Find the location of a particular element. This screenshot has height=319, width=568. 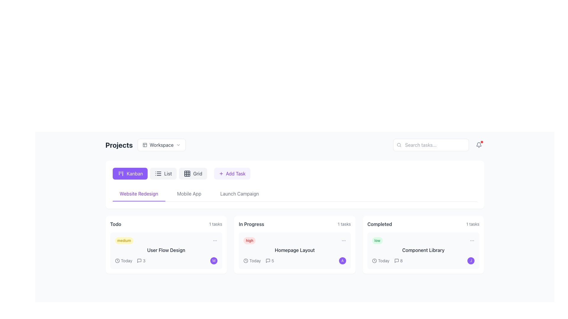

the square icon with a grid-like design, which has a gray outline and is located to the left of the text 'Workspace' is located at coordinates (145, 145).